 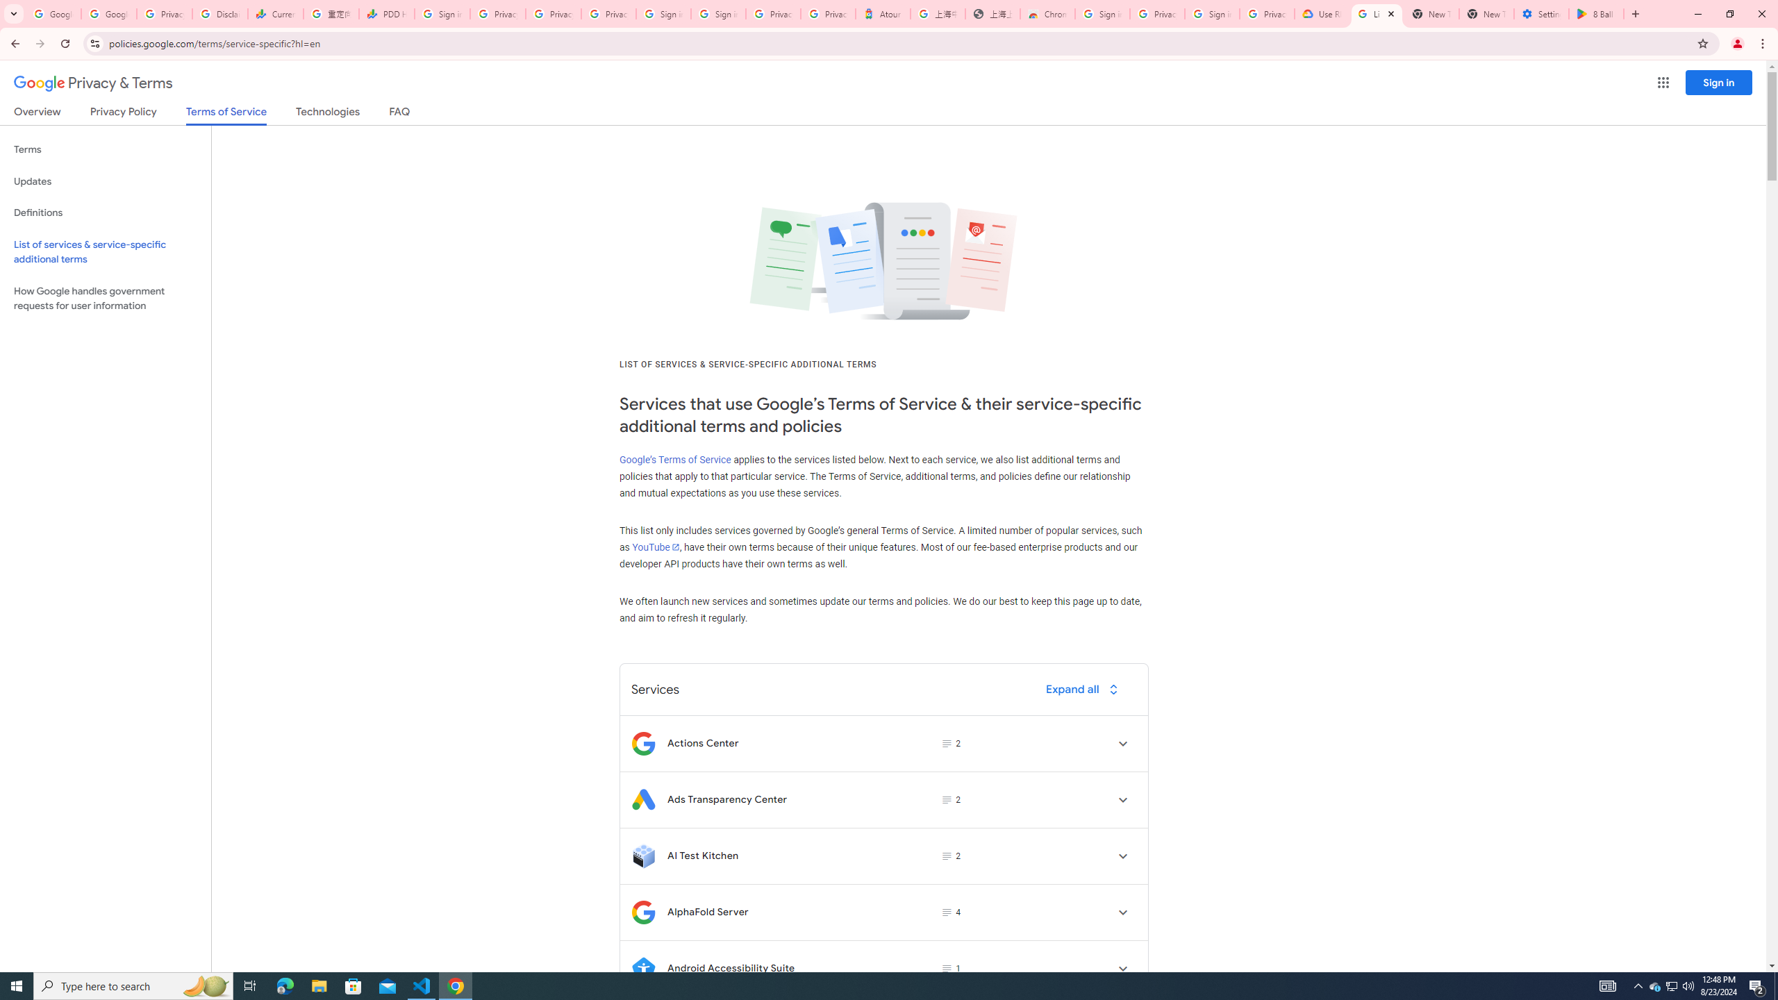 What do you see at coordinates (642, 968) in the screenshot?
I see `'Logo for Android Accessibility Suite'` at bounding box center [642, 968].